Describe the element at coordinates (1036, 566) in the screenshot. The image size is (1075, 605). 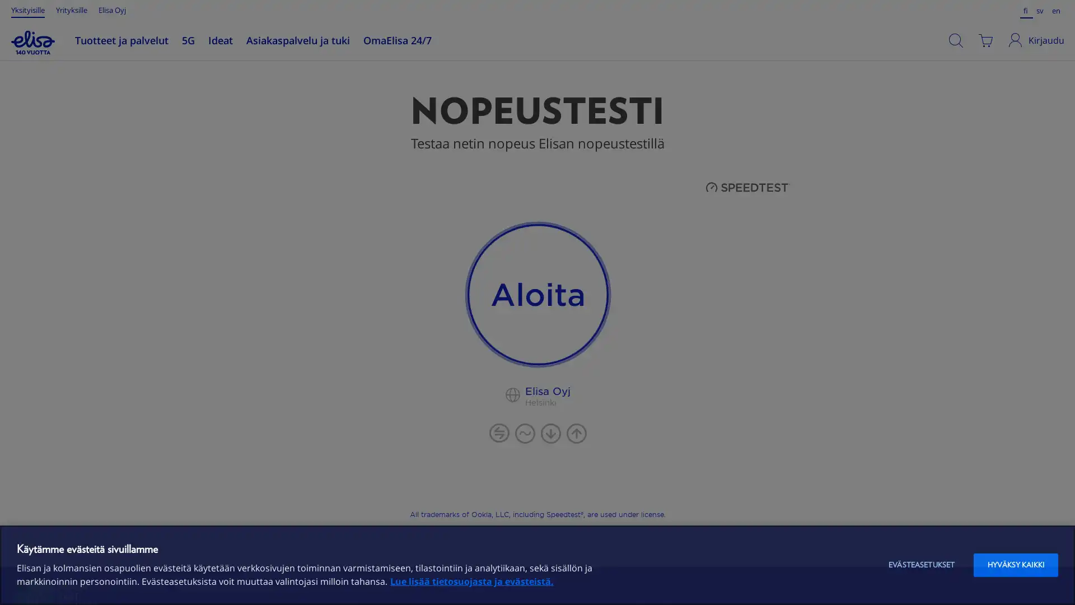
I see `Aloita chat` at that location.